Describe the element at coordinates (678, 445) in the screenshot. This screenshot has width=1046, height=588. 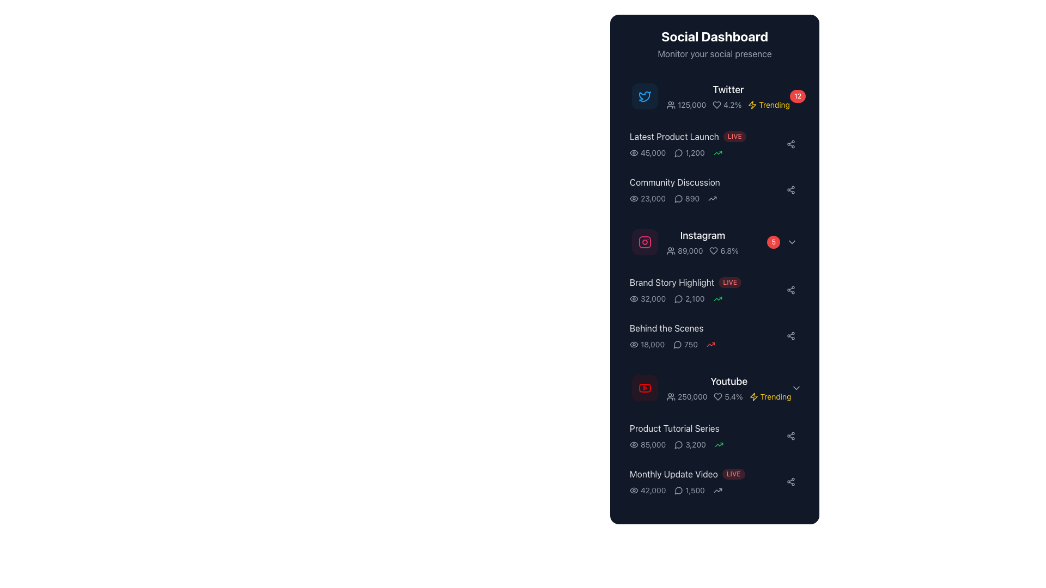
I see `the comment indicator icon located next to the text '3,200' in the 'Product Tutorial Series' section` at that location.